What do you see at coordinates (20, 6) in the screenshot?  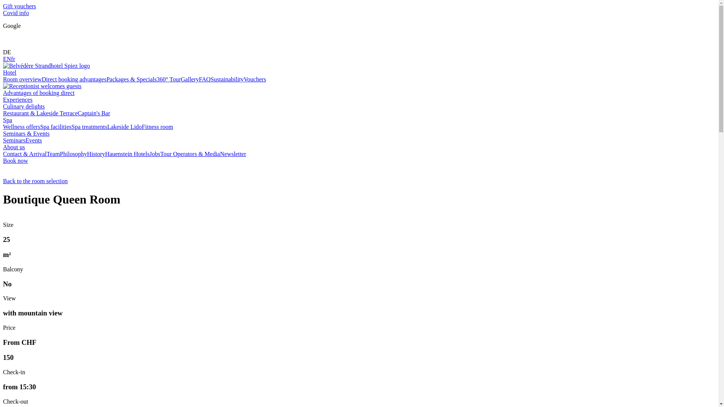 I see `'Gift vouchers'` at bounding box center [20, 6].